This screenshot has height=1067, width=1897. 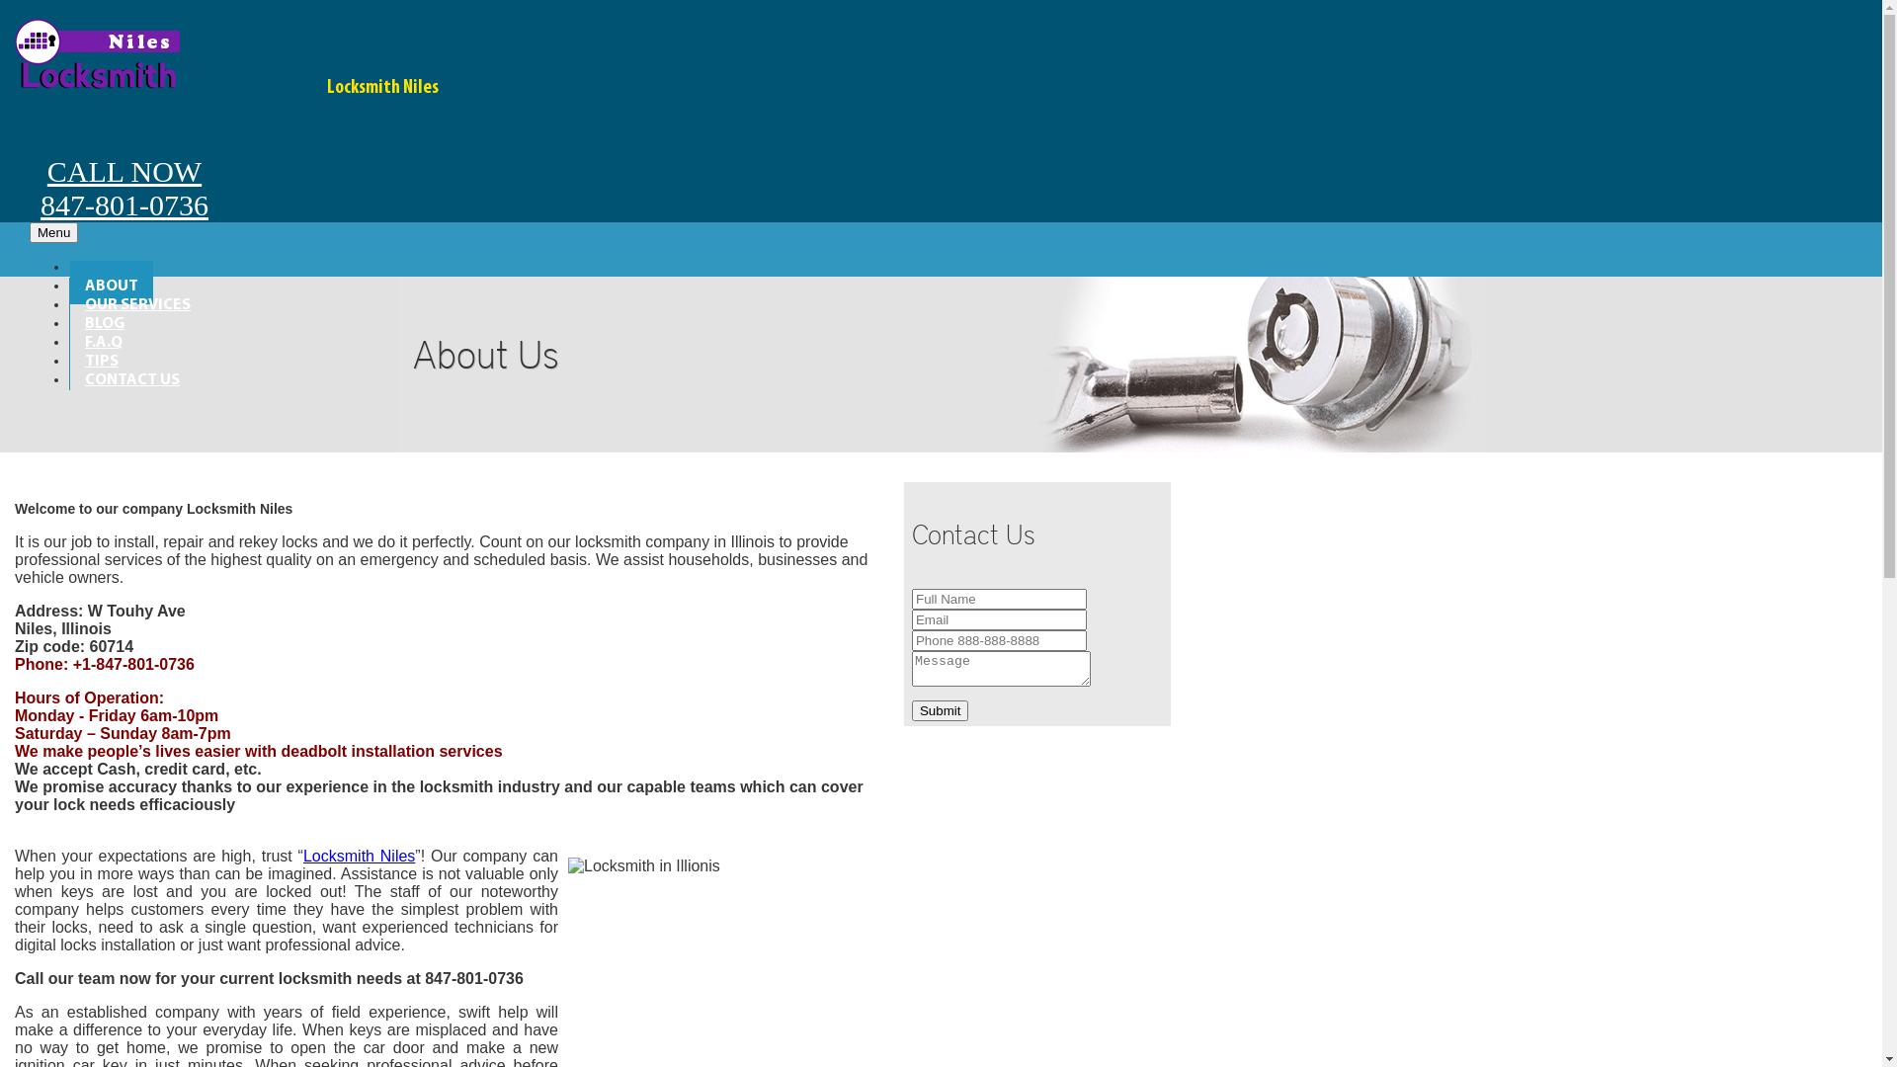 What do you see at coordinates (100, 358) in the screenshot?
I see `'TIPS'` at bounding box center [100, 358].